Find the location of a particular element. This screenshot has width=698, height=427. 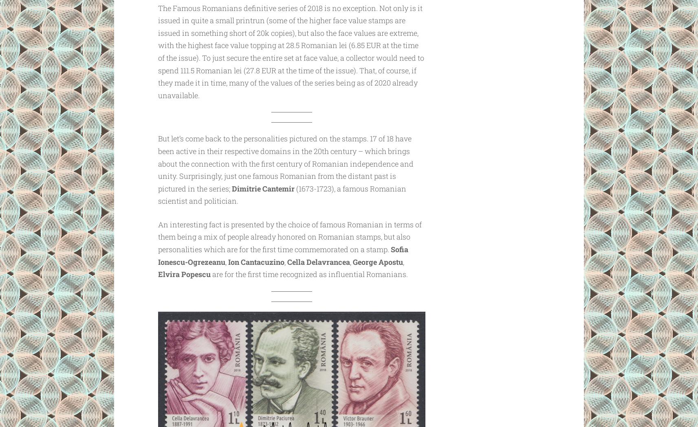

'But let’s come back to the personalities pictured on the stamps. 17 of 18 have been active in their respective domains in the 20th century – which brings about the connection with the first century of Romanian independence and unity. Surprisingly, just one famous Romanian from the distant past is pictured in the series;' is located at coordinates (285, 163).